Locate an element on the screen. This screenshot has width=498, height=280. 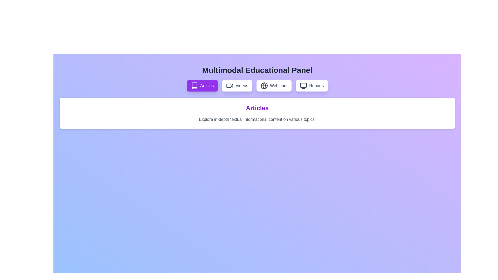
the 'Videos' button, which is the second button from the left in a horizontally aligned group of buttons is located at coordinates (241, 86).